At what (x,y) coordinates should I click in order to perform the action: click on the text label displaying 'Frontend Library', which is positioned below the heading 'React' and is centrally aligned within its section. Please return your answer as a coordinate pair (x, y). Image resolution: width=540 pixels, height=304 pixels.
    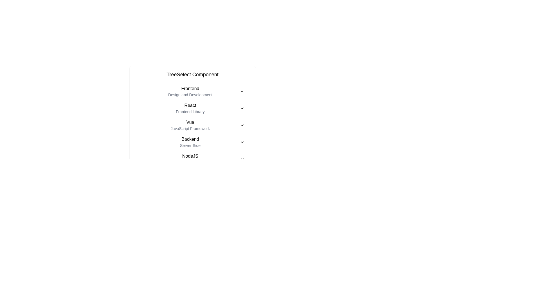
    Looking at the image, I should click on (190, 112).